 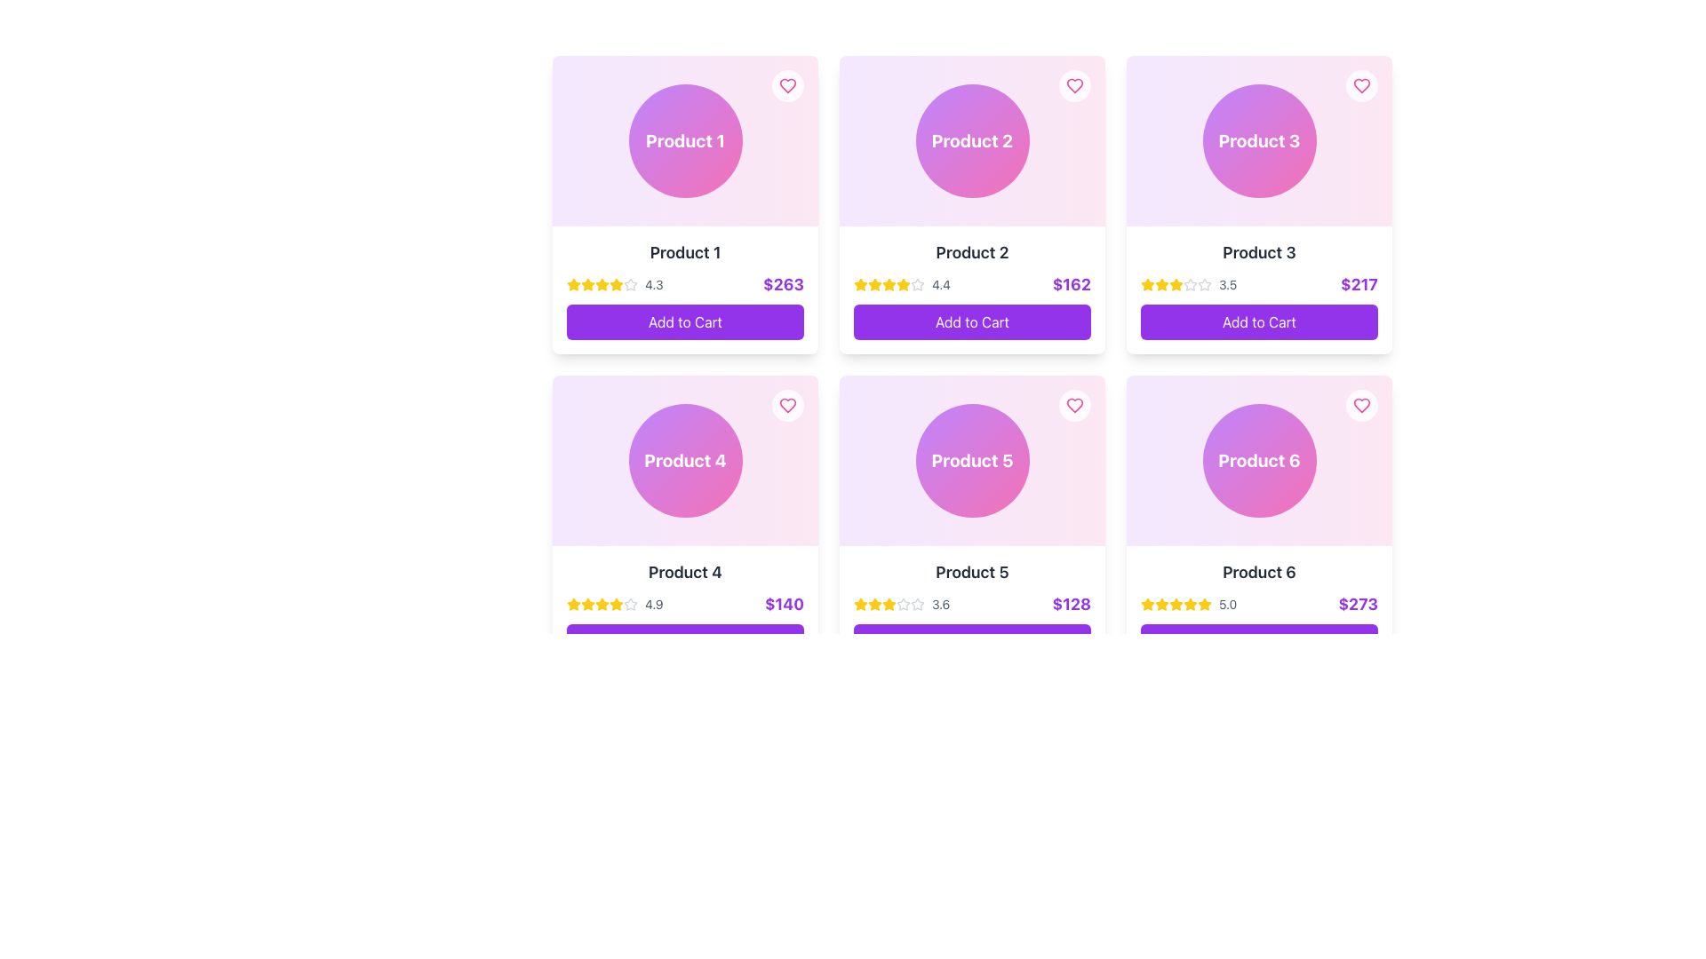 I want to click on the leftmost star icon in the rating section of 'Product 4' to provide a rating, so click(x=588, y=603).